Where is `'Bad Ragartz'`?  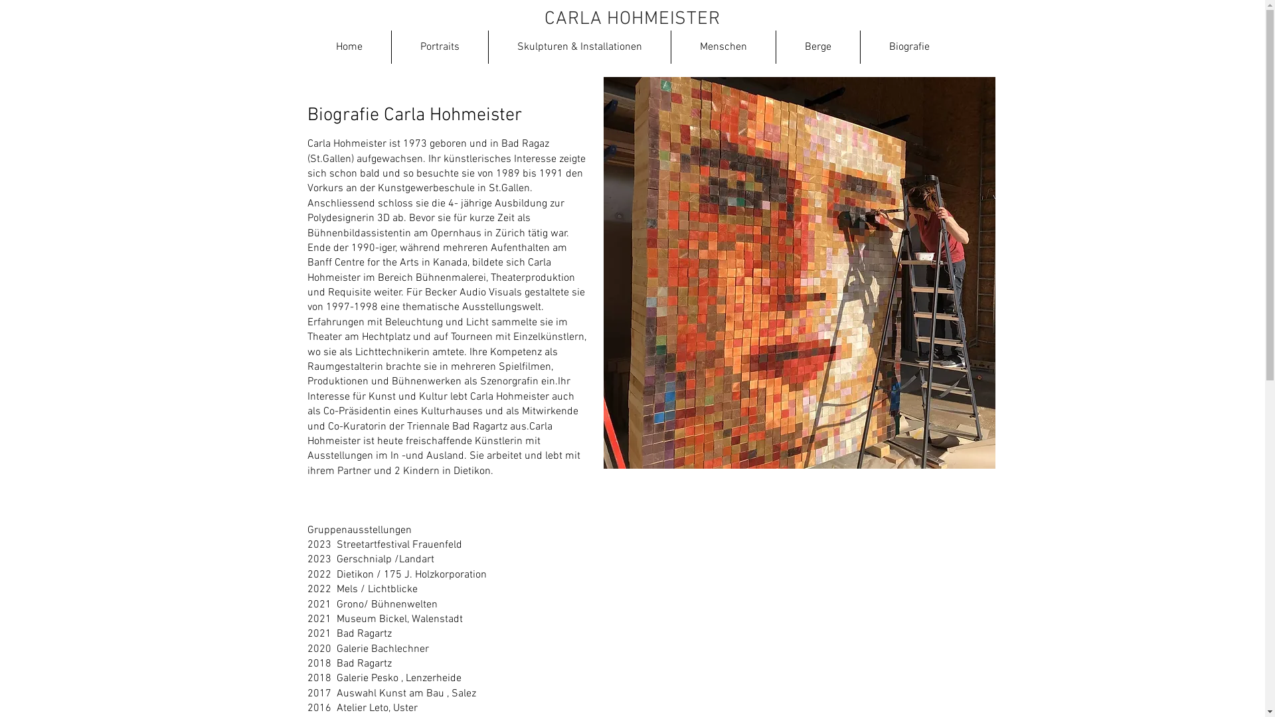 'Bad Ragartz' is located at coordinates (335, 633).